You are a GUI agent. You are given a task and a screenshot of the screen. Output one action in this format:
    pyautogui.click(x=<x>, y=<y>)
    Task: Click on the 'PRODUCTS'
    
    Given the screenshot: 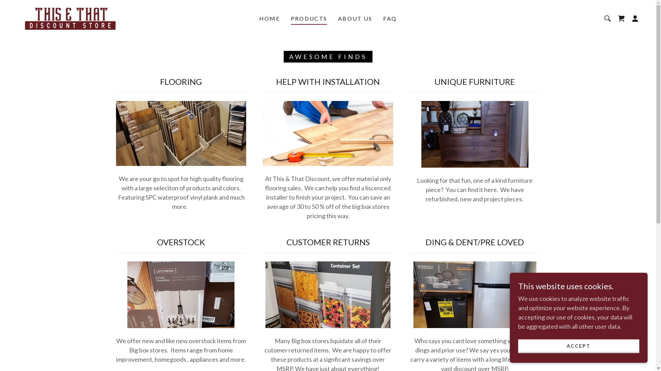 What is the action you would take?
    pyautogui.click(x=308, y=19)
    